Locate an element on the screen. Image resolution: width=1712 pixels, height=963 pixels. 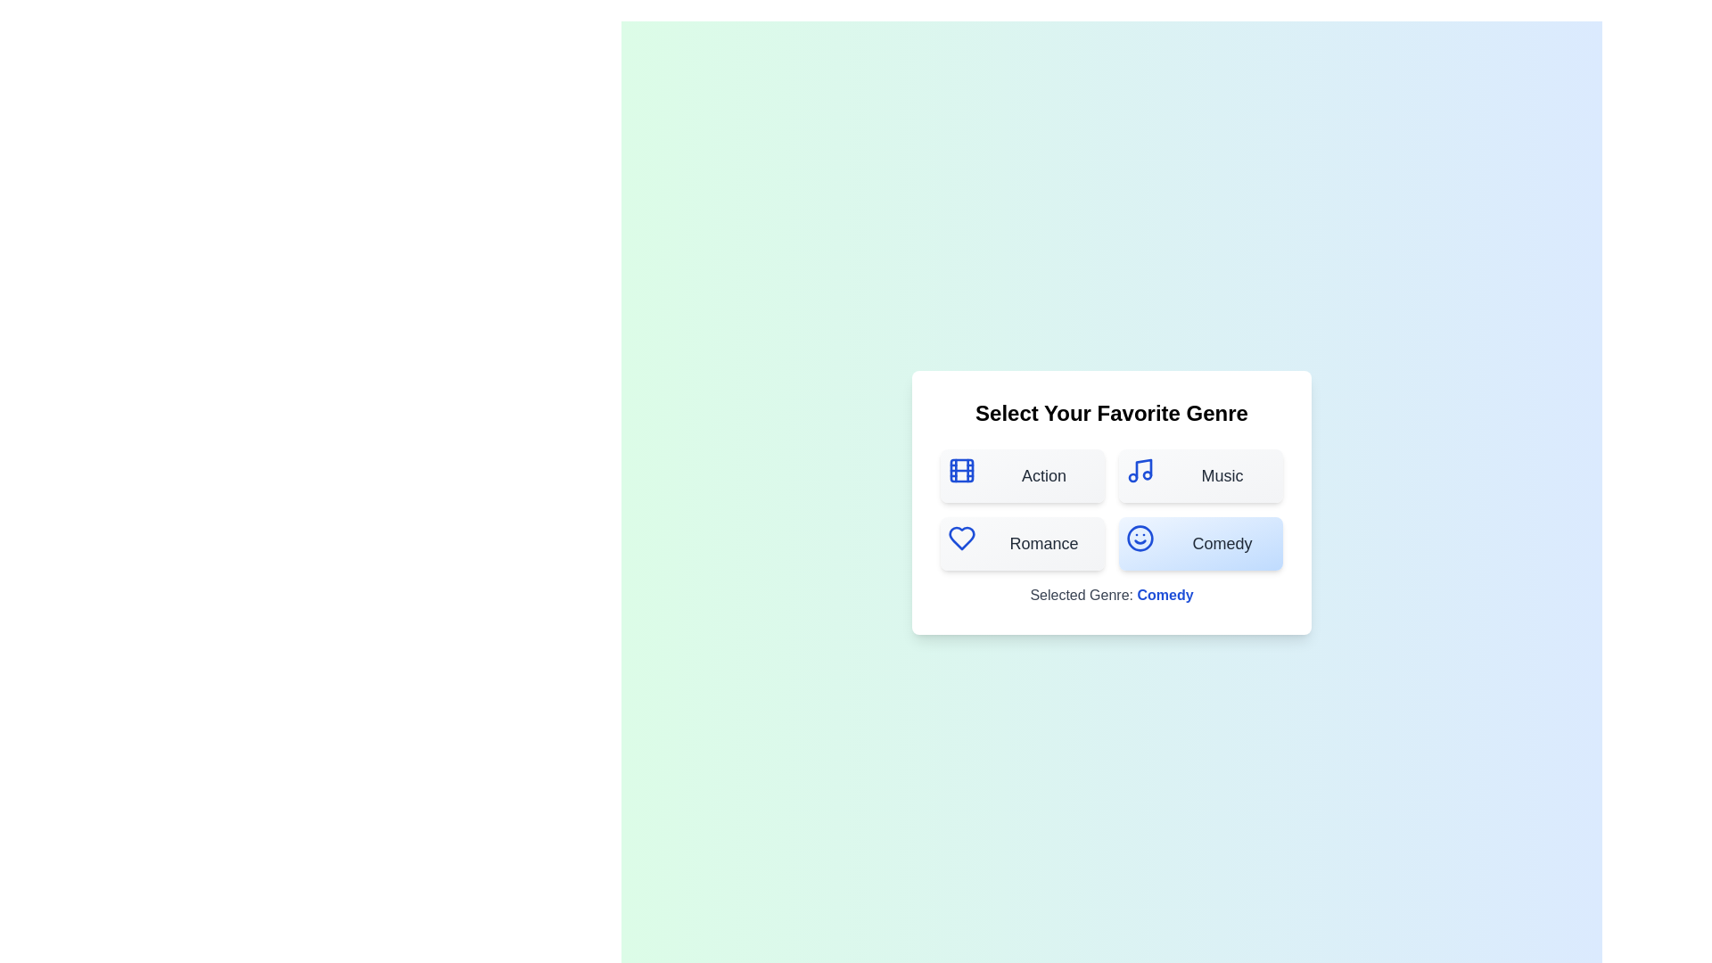
the 'Romance' button, which is a rectangular button with rounded edges, a blue heart icon, and bold dark gray text is located at coordinates (1023, 542).